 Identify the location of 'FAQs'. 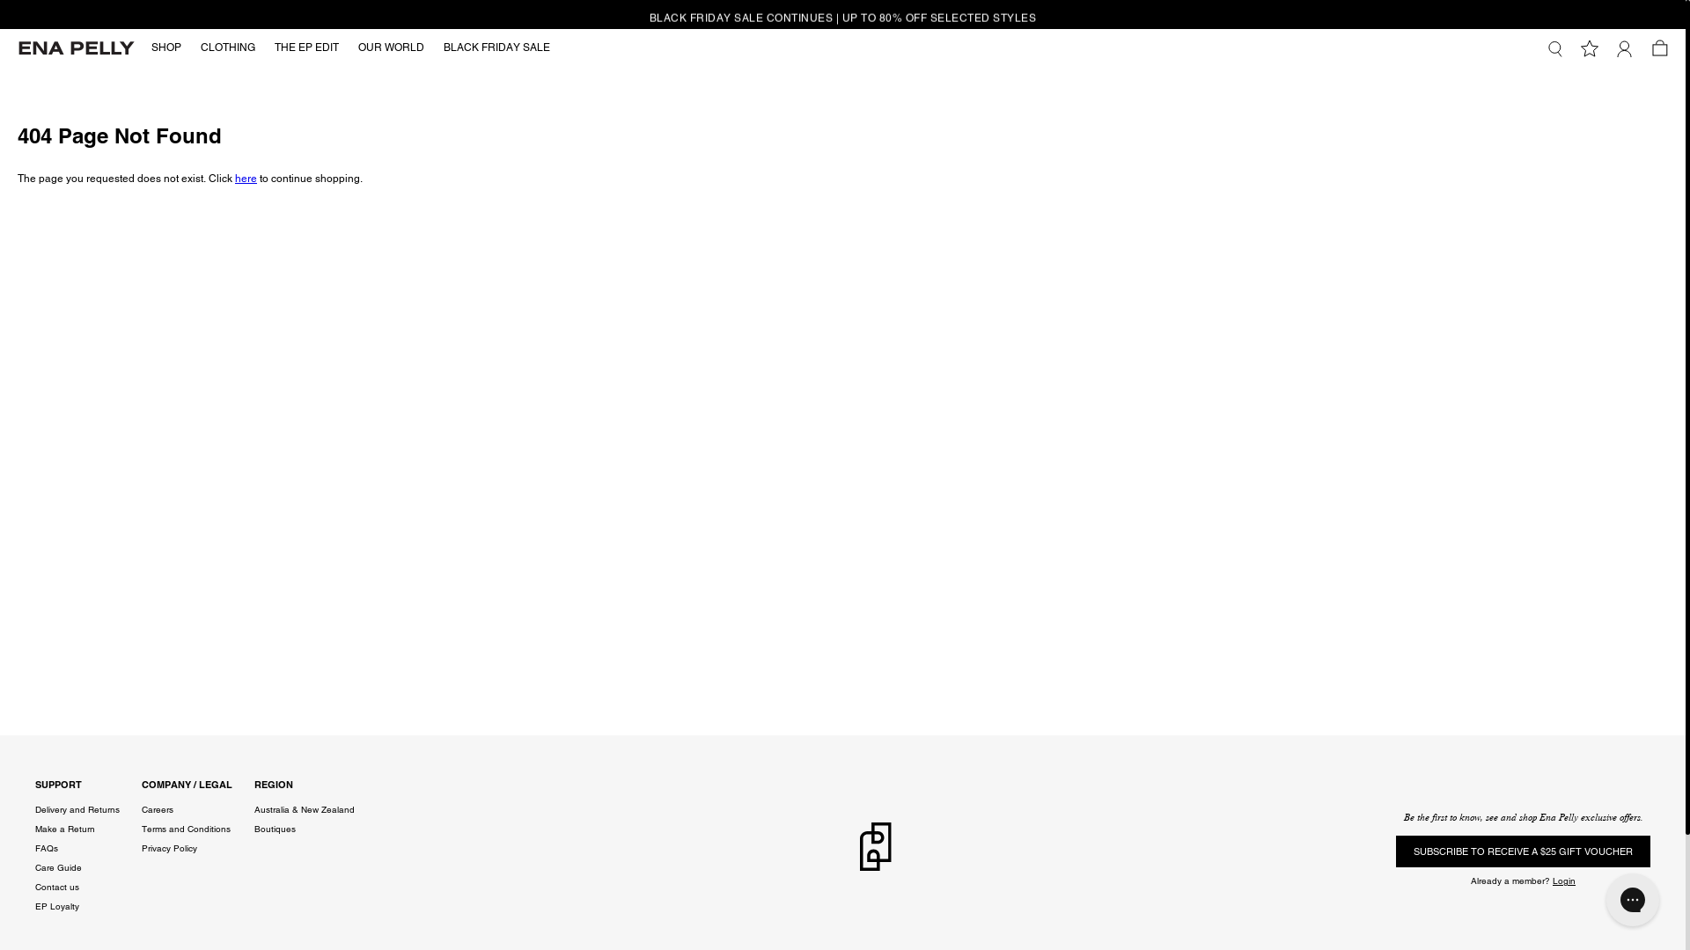
(34, 847).